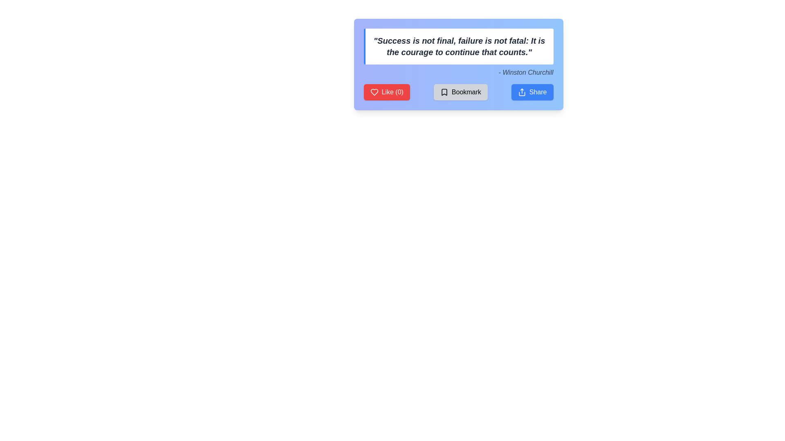 The image size is (785, 441). Describe the element at coordinates (466, 92) in the screenshot. I see `the 'Bookmark' text label, which is styled in a standard sans-serif font with a light gray background, positioned between the 'Like' and 'Share' buttons` at that location.